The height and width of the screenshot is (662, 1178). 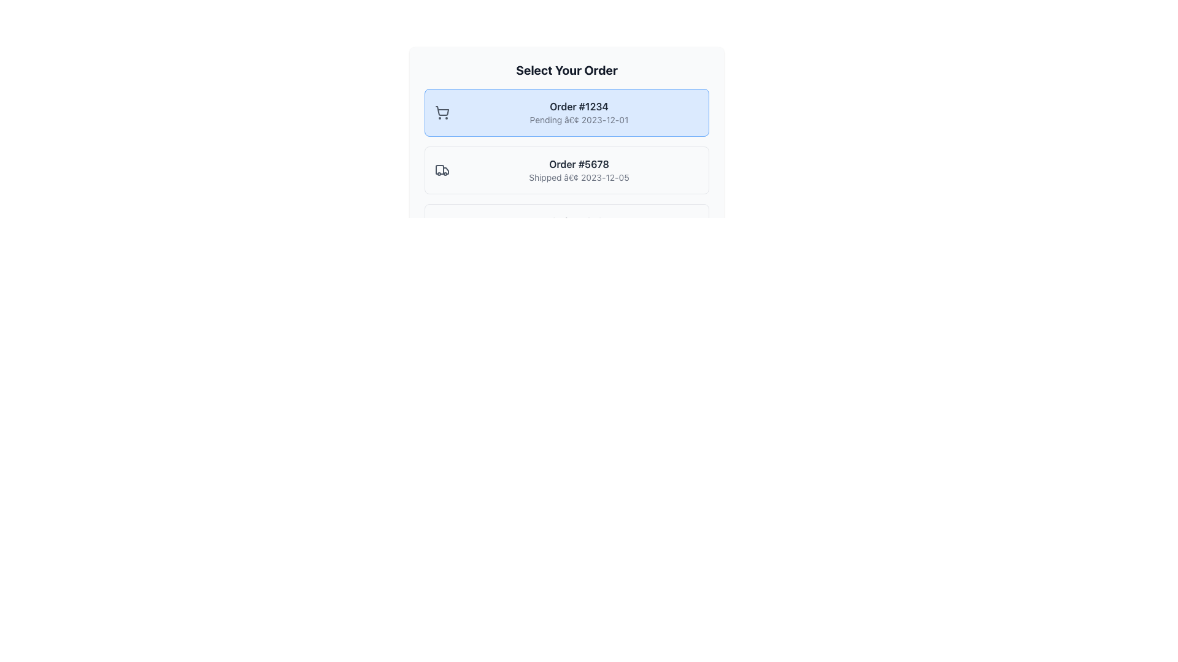 I want to click on the vector graphic element representing part of the shopping cart icon located adjacent to the text 'Order #1234', so click(x=442, y=111).